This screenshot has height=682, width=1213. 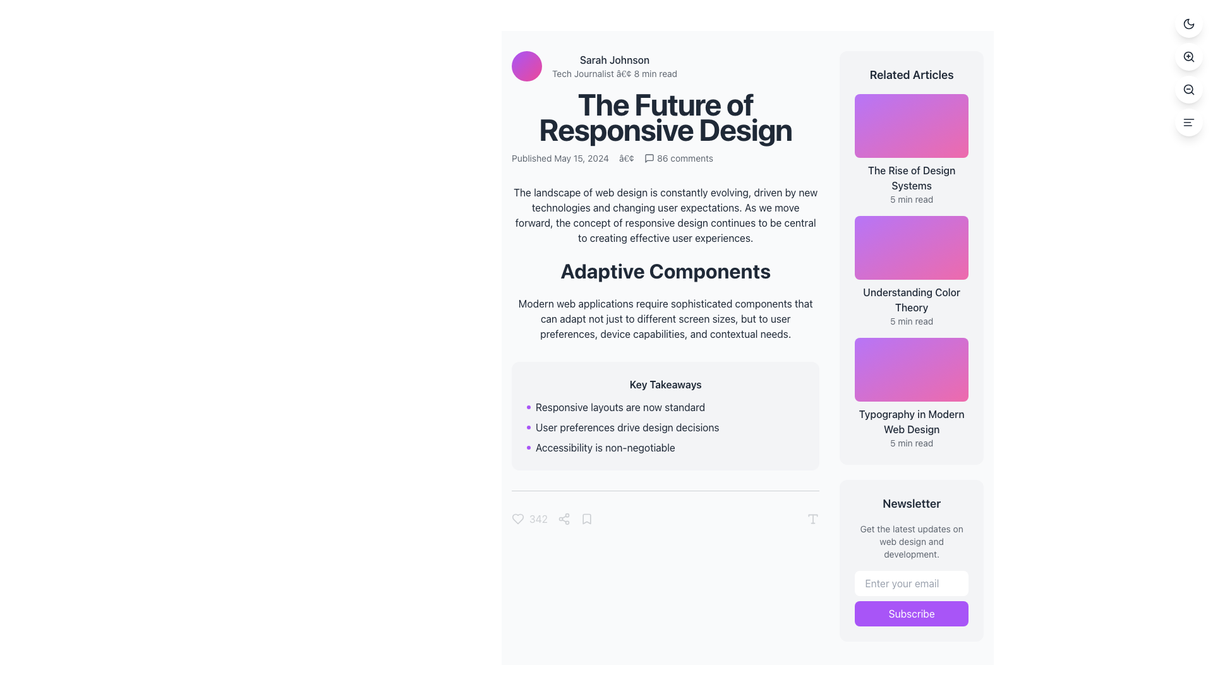 I want to click on the gradient-filled rectangular Image Placeholder with rounded borders for the 'Understanding Color Theory' article, located in the 'Related Articles' section, so click(x=912, y=248).